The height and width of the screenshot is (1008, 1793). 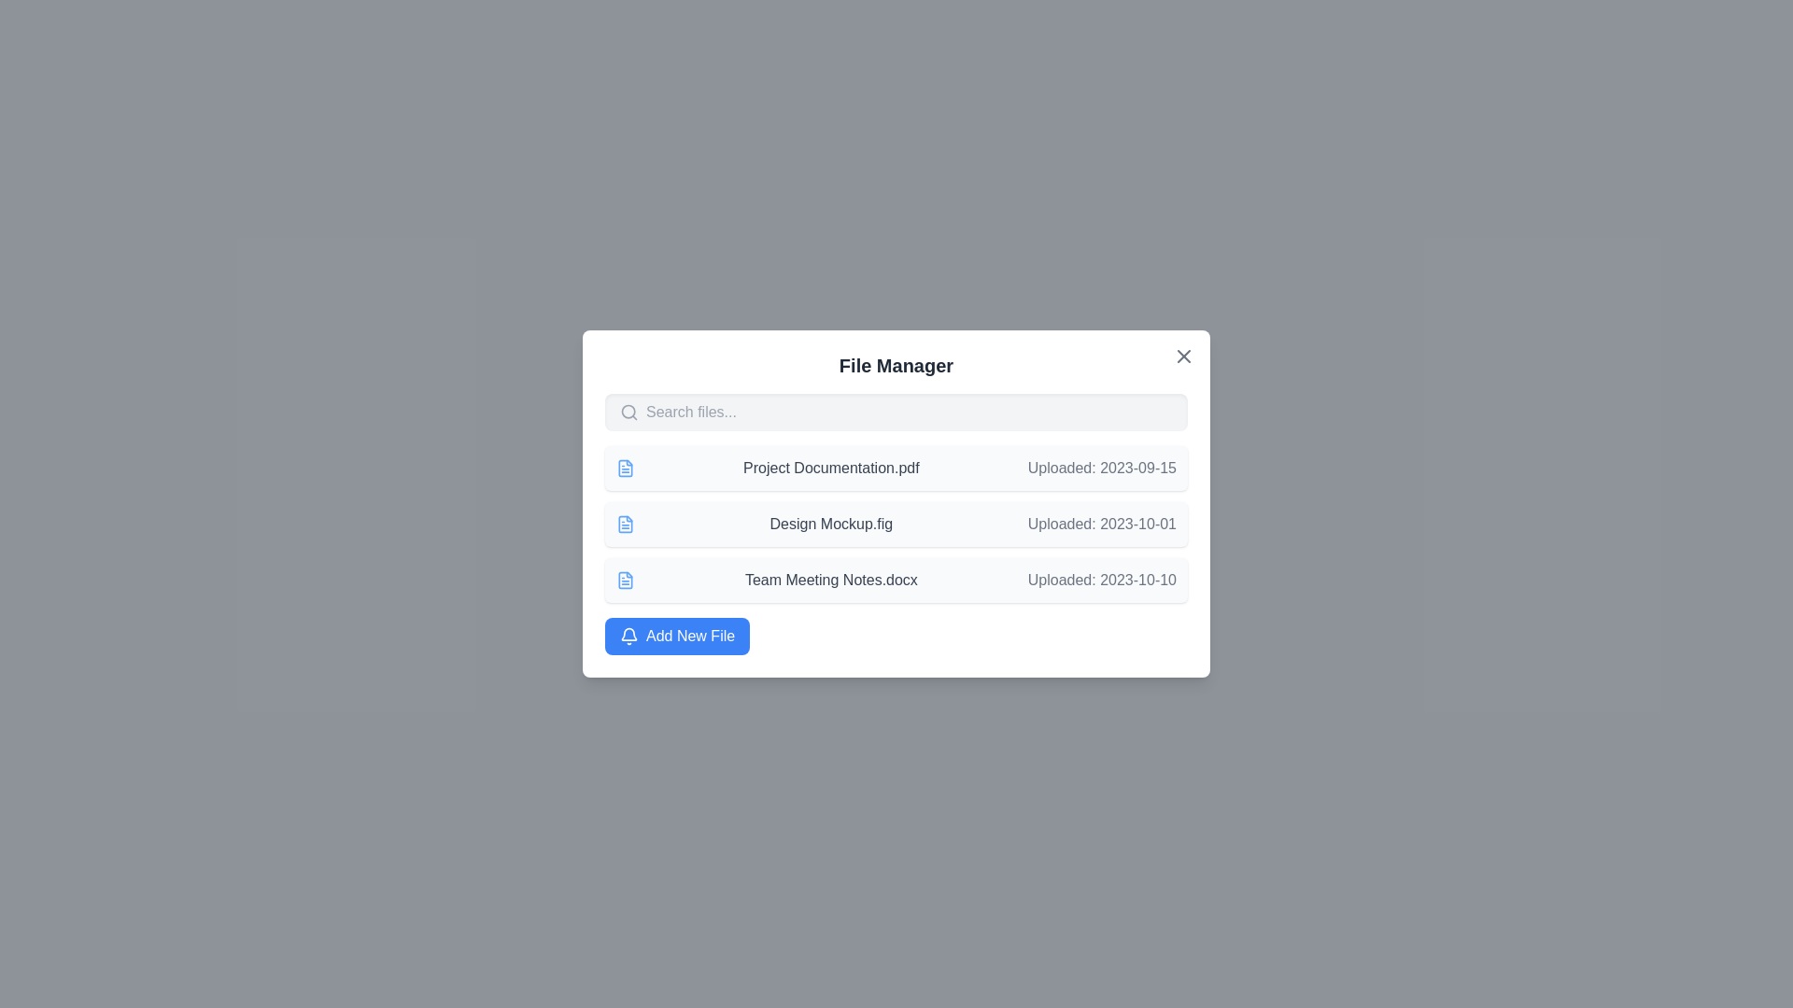 What do you see at coordinates (1182, 356) in the screenshot?
I see `the cross ('X') icon button located at the top-right corner of the 'File Manager' dialog box` at bounding box center [1182, 356].